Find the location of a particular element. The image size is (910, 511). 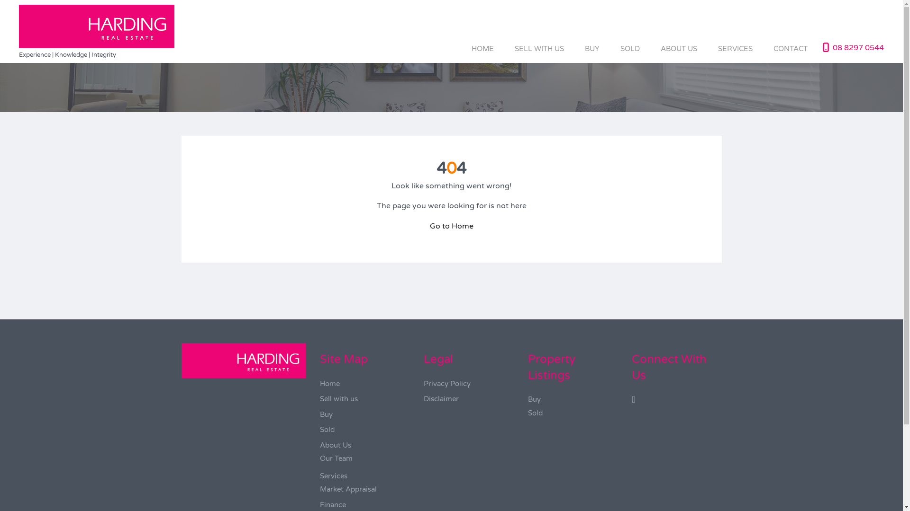

'Buy' is located at coordinates (534, 399).